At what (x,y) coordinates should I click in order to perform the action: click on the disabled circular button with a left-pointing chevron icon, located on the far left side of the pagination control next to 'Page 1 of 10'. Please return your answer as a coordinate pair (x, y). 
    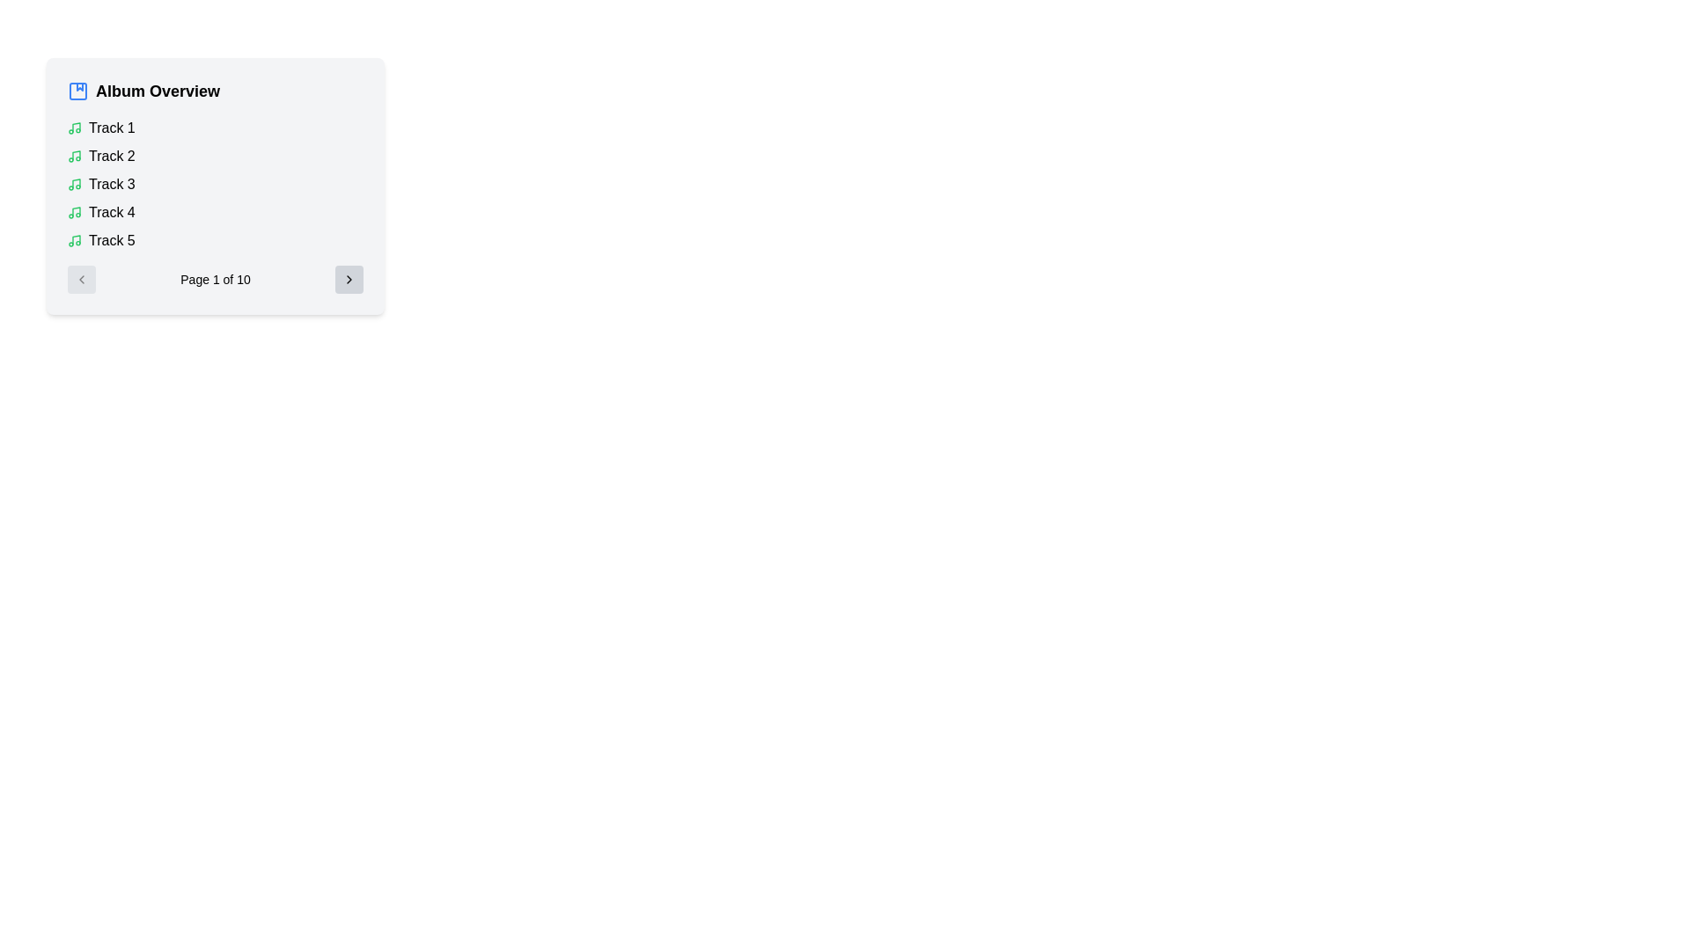
    Looking at the image, I should click on (80, 278).